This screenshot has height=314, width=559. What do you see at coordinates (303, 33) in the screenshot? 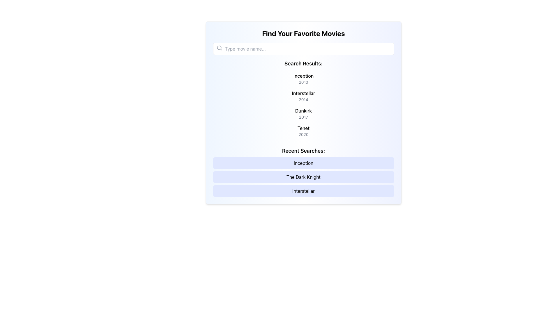
I see `the centered, bold, large-sized text that reads 'Find Your Favorite Movies', which is positioned at the top center of the interface above the search bar` at bounding box center [303, 33].